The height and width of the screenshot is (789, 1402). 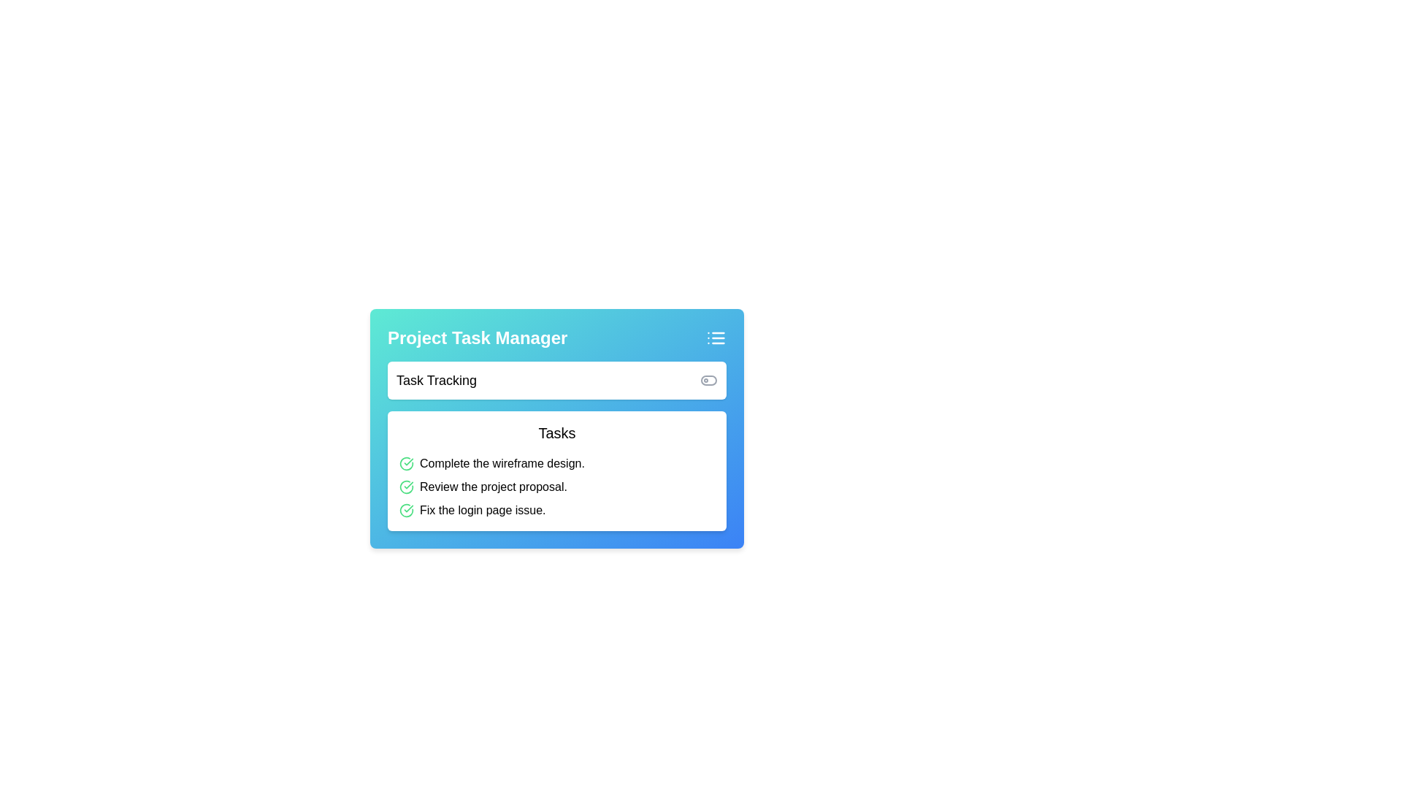 What do you see at coordinates (716, 338) in the screenshot?
I see `the three-lined menu icon in the top-right corner of the 'Project Task Manager' header` at bounding box center [716, 338].